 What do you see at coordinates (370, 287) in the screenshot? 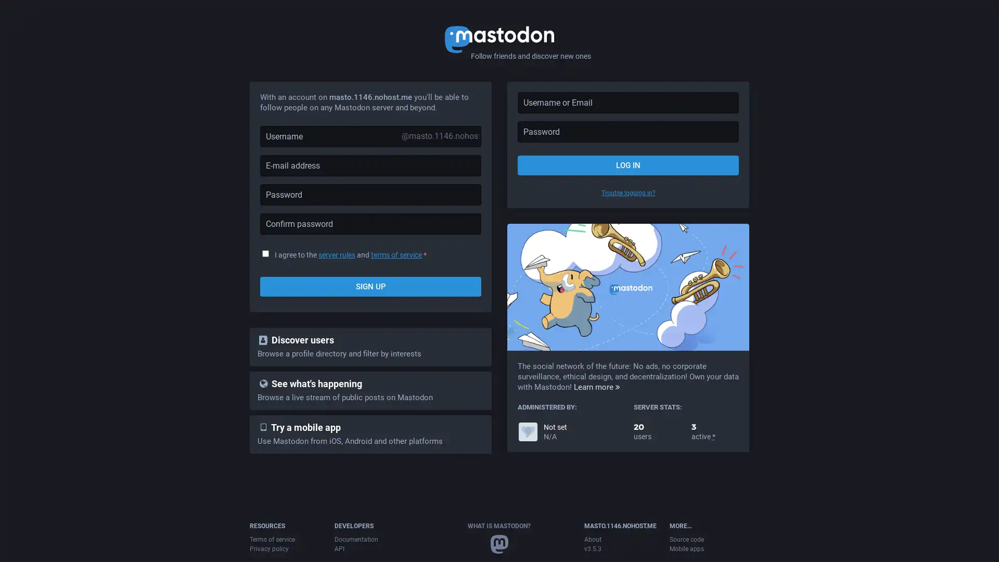
I see `SIGN UP` at bounding box center [370, 287].